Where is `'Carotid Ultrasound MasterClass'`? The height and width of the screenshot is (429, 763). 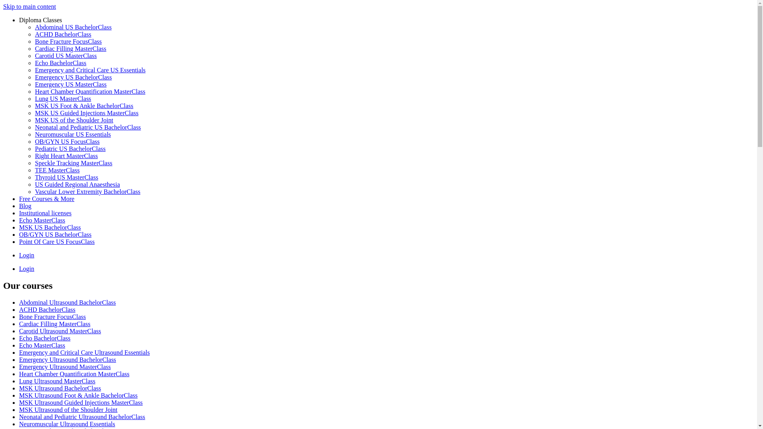
'Carotid Ultrasound MasterClass' is located at coordinates (59, 331).